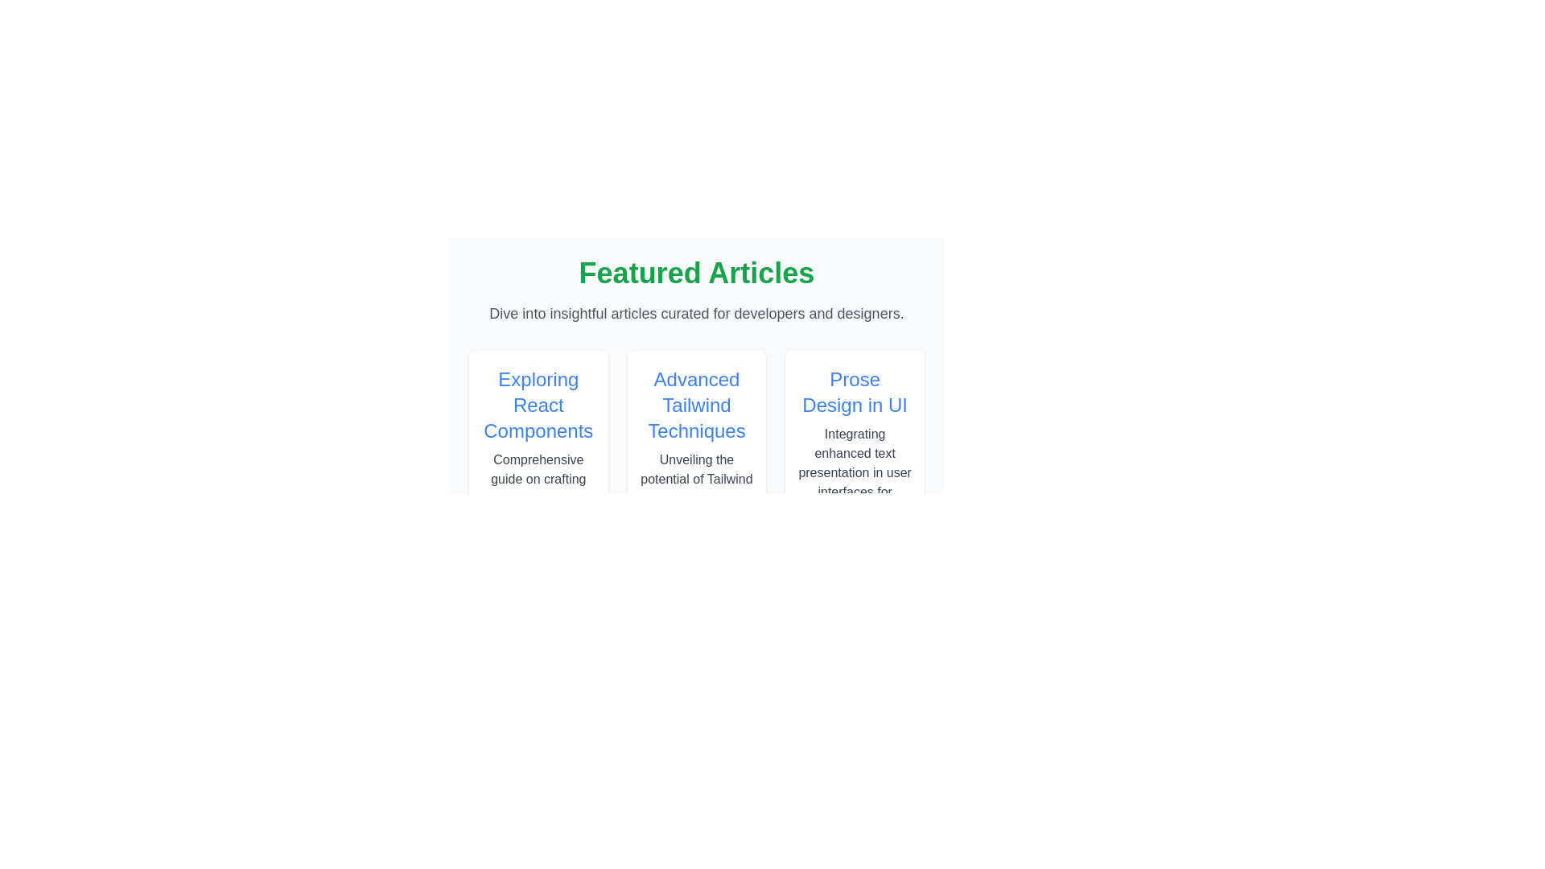 Image resolution: width=1545 pixels, height=869 pixels. Describe the element at coordinates (538, 405) in the screenshot. I see `the Text heading element located at the top of the first card in the 'Featured Articles' section` at that location.